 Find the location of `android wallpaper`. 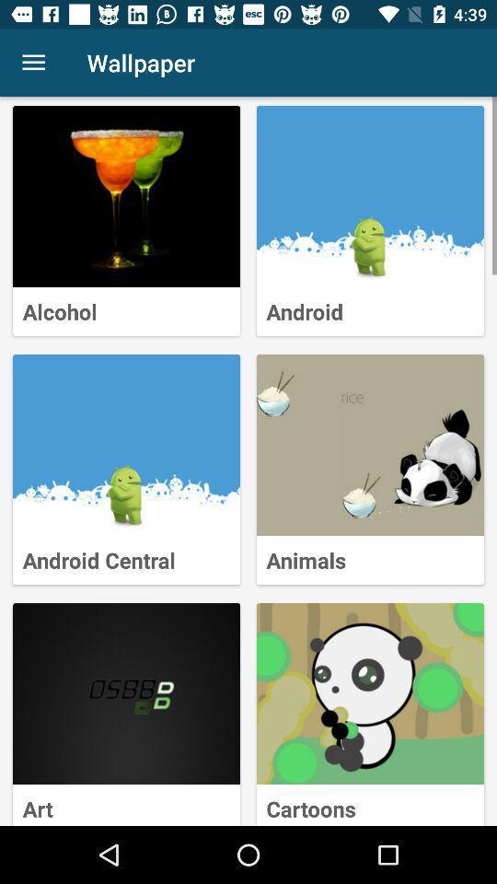

android wallpaper is located at coordinates (370, 196).